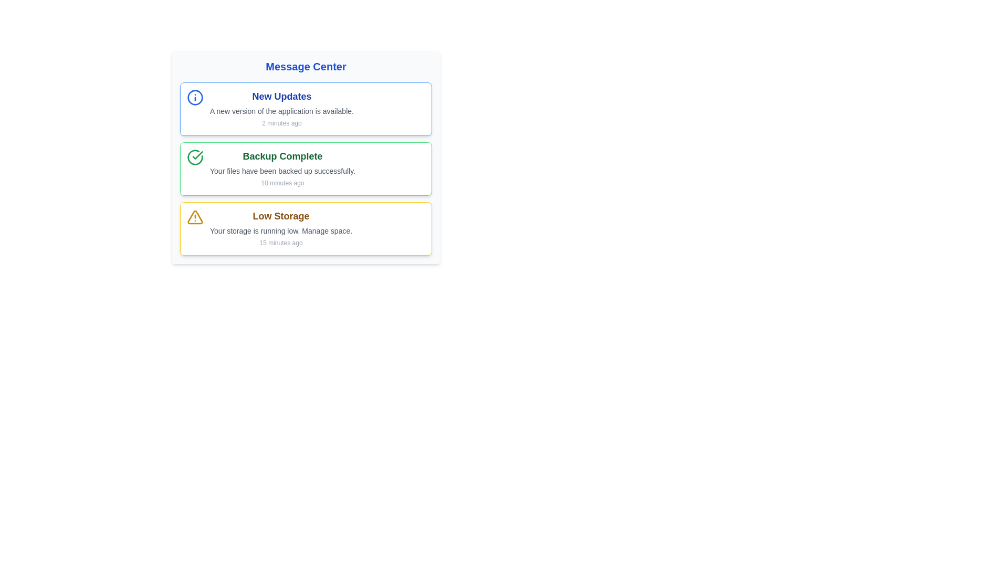  What do you see at coordinates (281, 228) in the screenshot?
I see `the 'Low Storage' notification block, which is the third item in the notification list` at bounding box center [281, 228].